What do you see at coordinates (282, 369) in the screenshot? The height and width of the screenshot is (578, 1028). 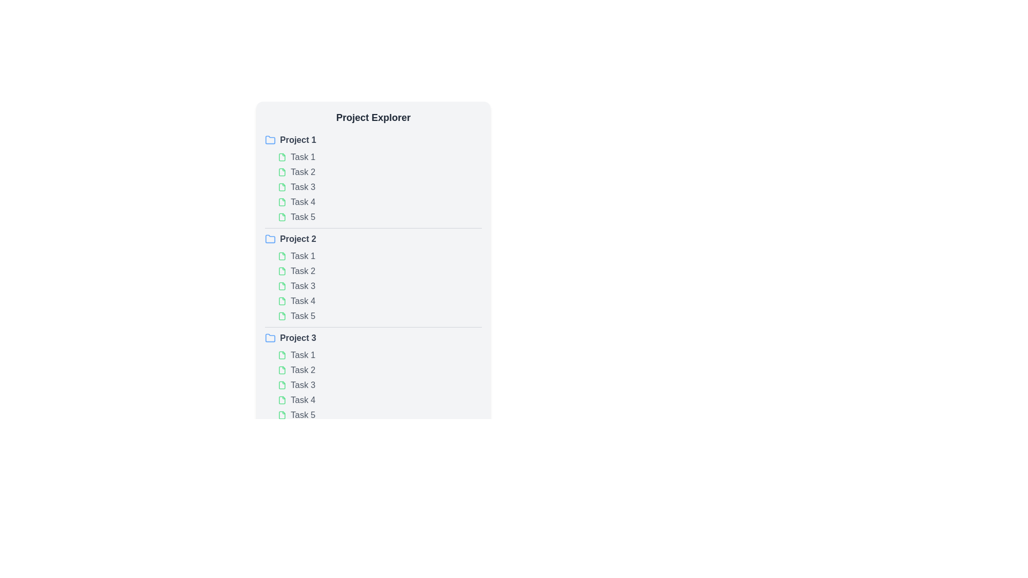 I see `the green document icon located next to the text labeled 'Task 2' under the 'Project 3' section` at bounding box center [282, 369].